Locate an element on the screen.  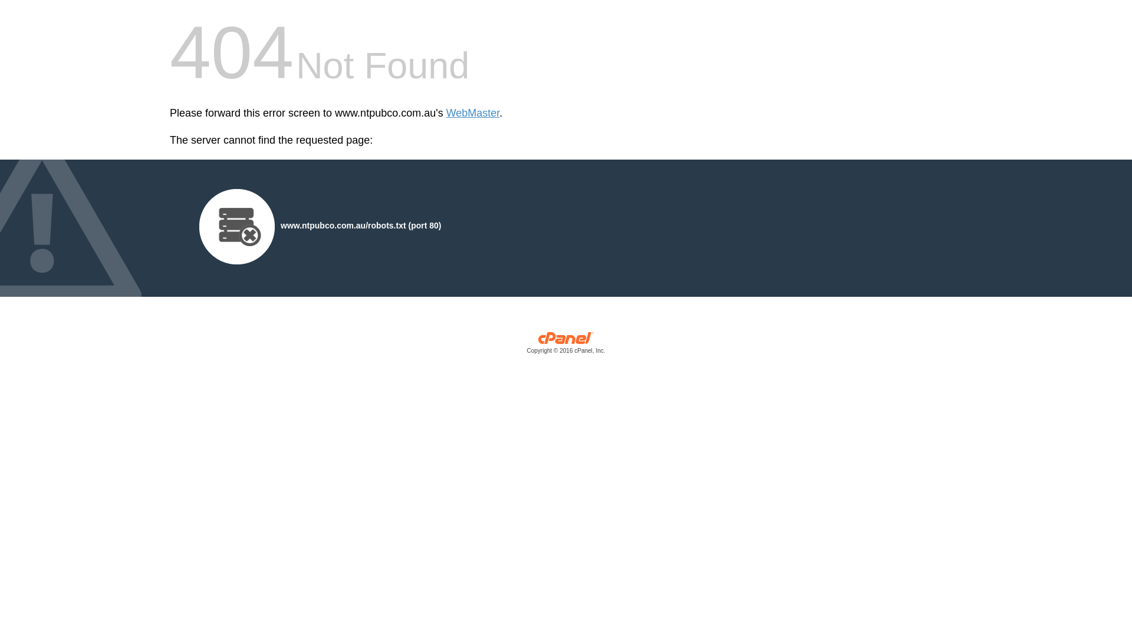
'WebMaster' is located at coordinates (446, 113).